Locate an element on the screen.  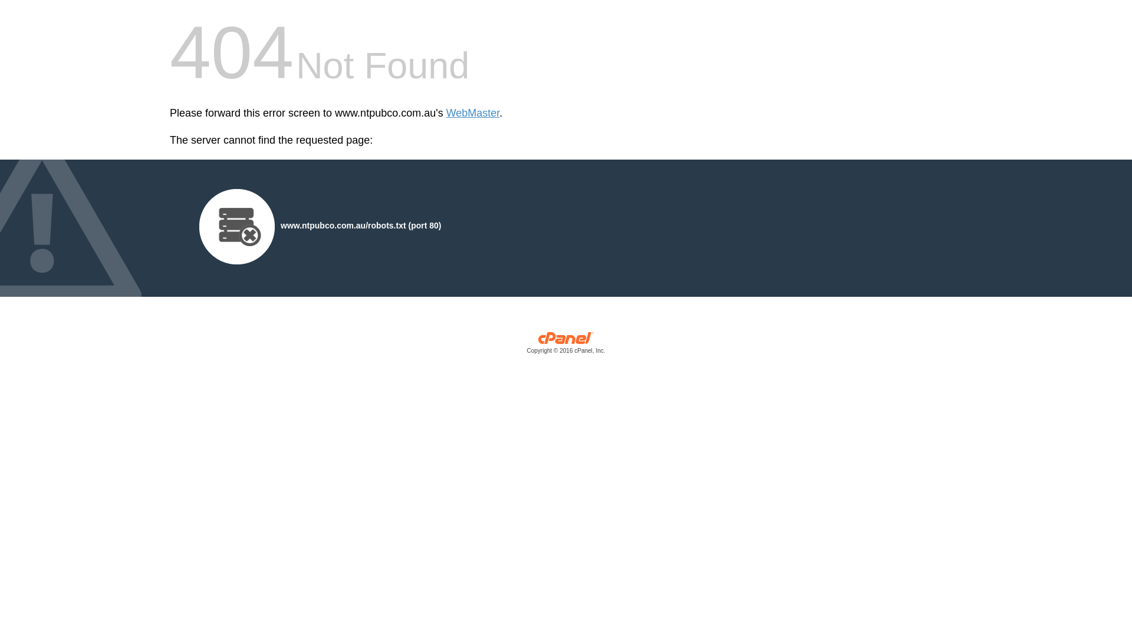
'WebMaster' is located at coordinates (446, 113).